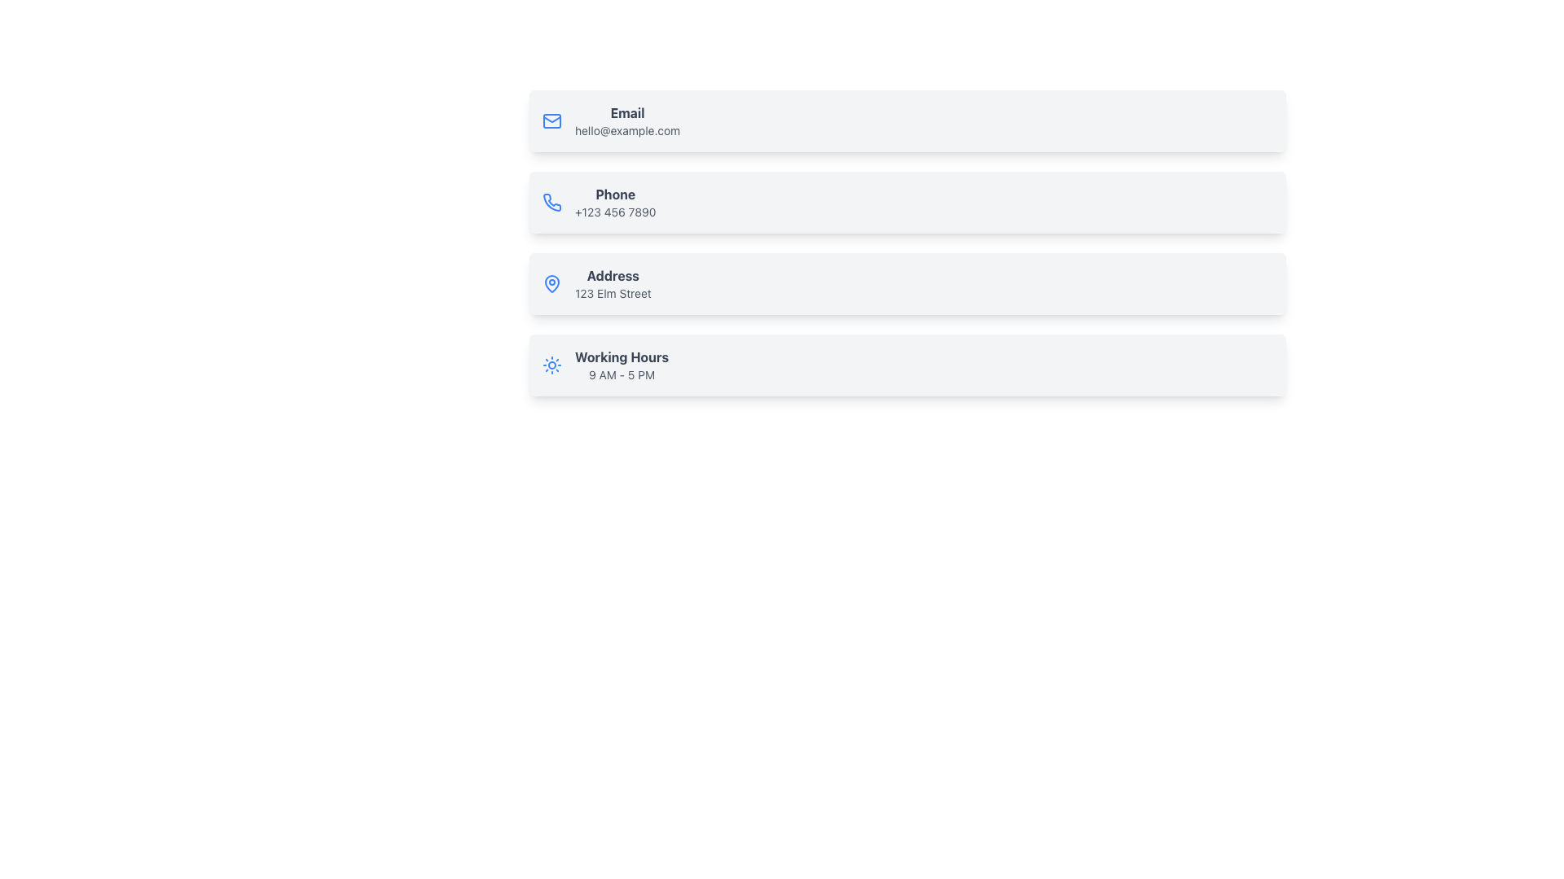 The height and width of the screenshot is (879, 1564). I want to click on the phone icon element, which is a blue outlined telephone receiver located to the left of the text 'Phone +123 456 7890', so click(551, 202).